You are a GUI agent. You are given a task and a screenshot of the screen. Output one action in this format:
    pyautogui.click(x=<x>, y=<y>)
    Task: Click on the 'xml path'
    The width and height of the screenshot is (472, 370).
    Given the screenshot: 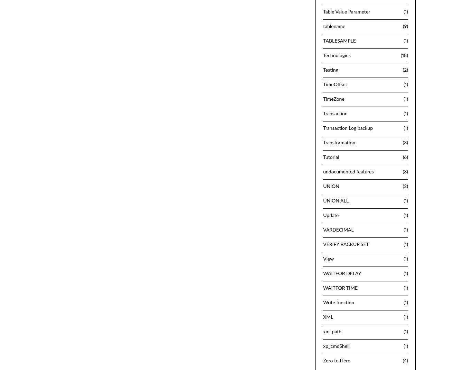 What is the action you would take?
    pyautogui.click(x=332, y=331)
    